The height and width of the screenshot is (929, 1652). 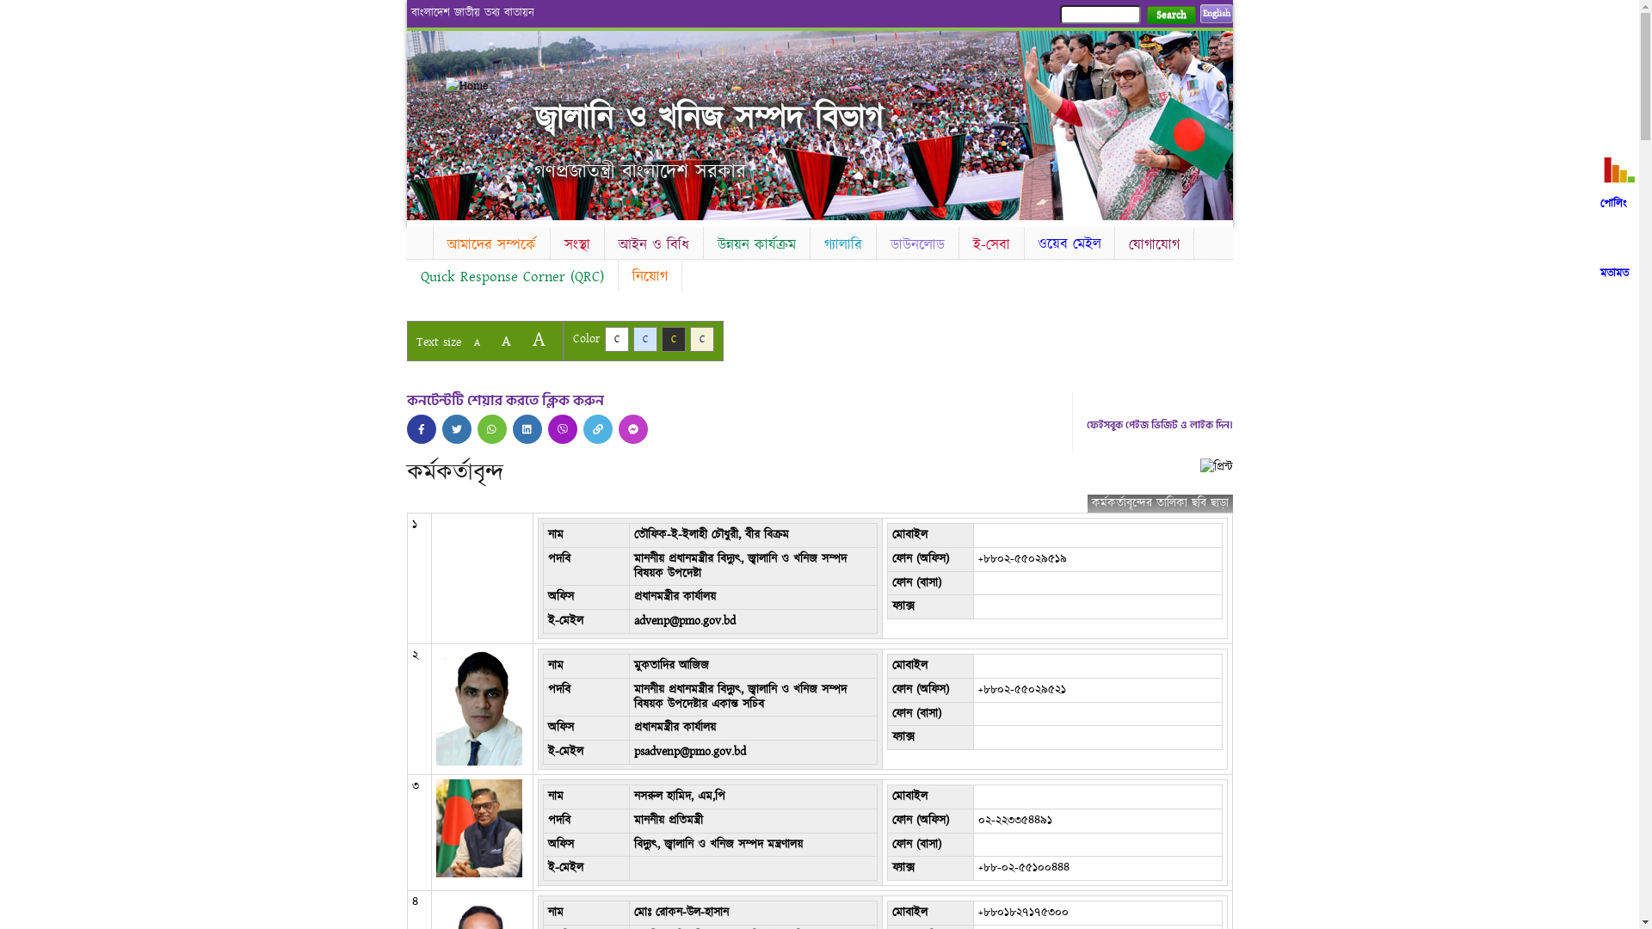 What do you see at coordinates (464, 342) in the screenshot?
I see `'A'` at bounding box center [464, 342].